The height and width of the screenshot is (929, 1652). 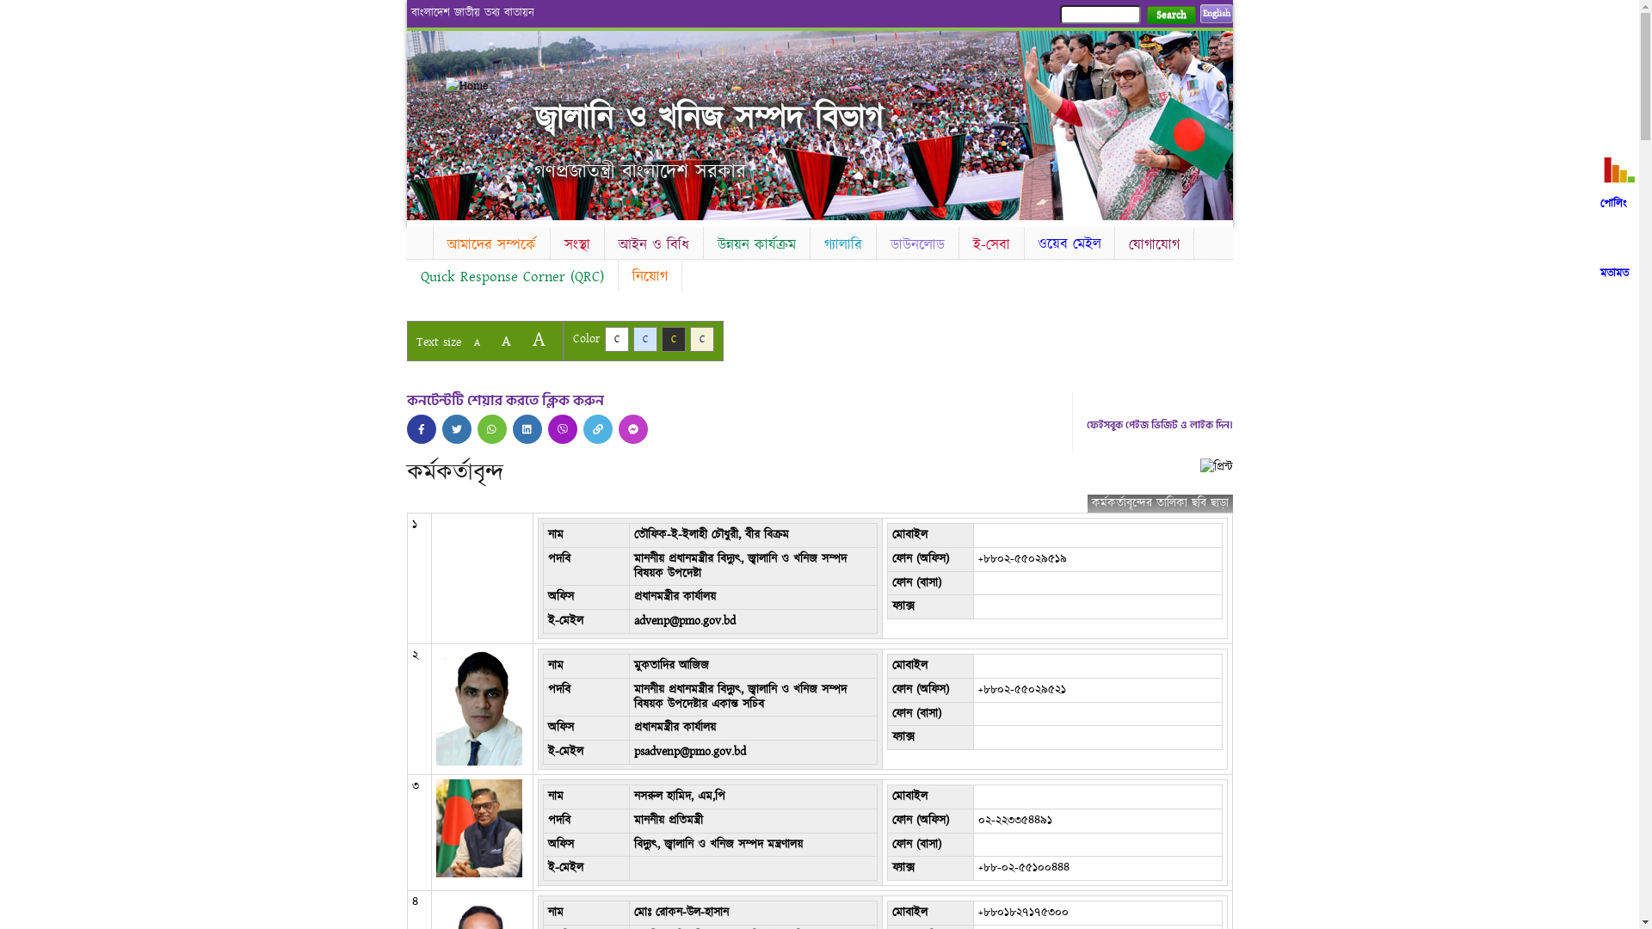 What do you see at coordinates (464, 342) in the screenshot?
I see `'A'` at bounding box center [464, 342].